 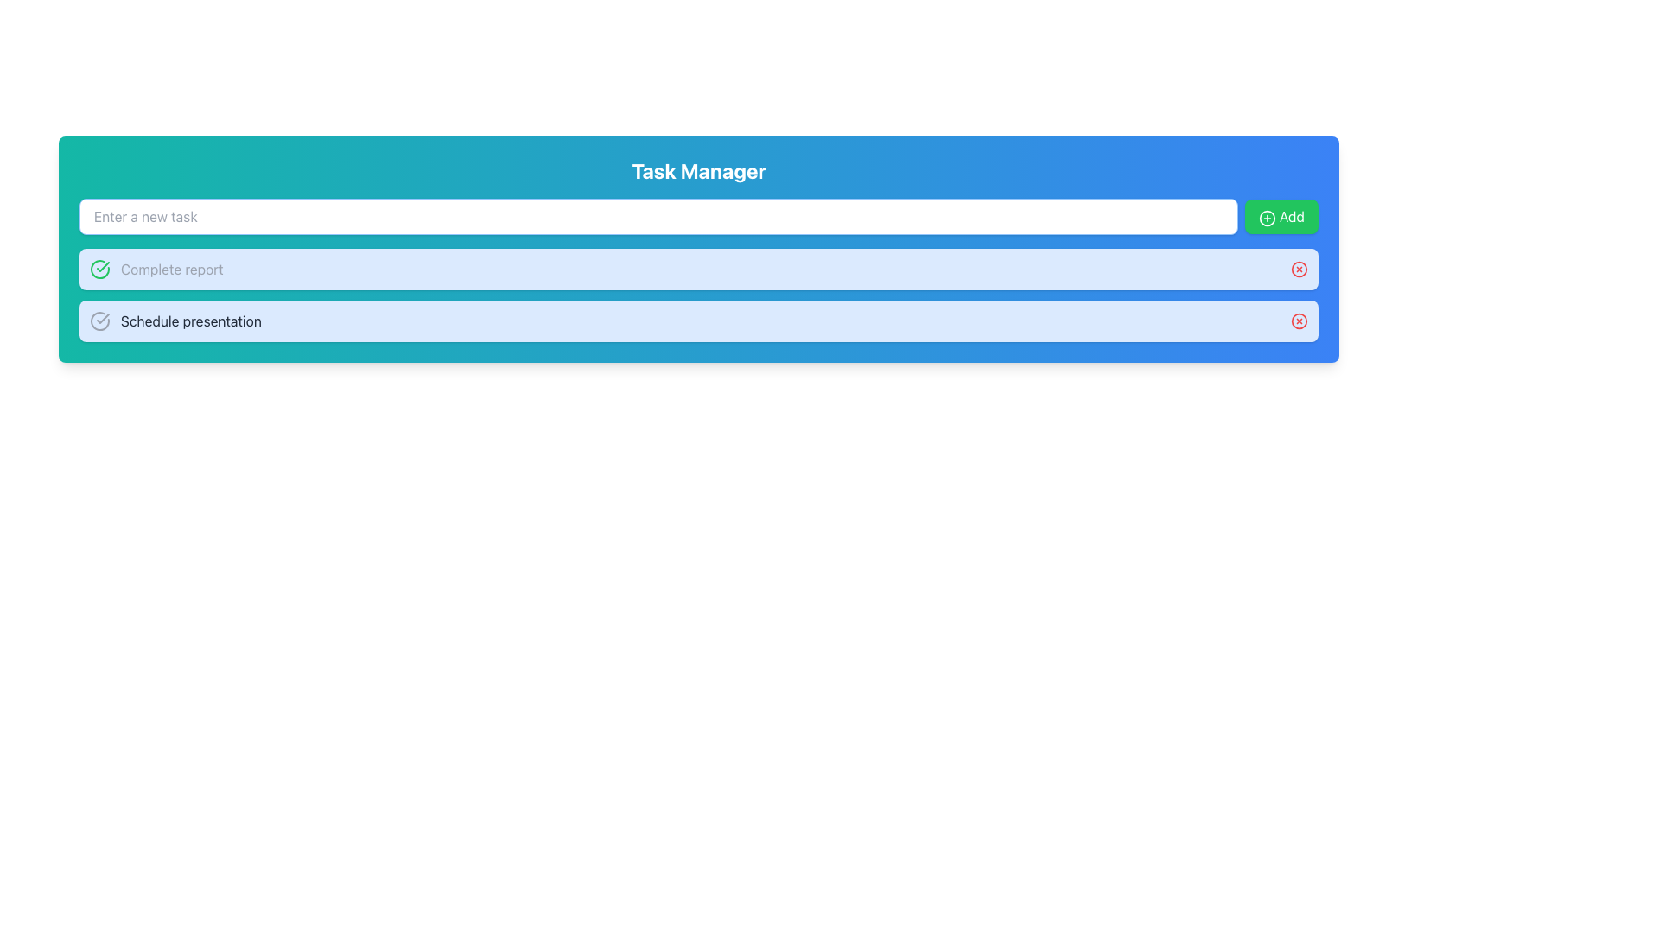 I want to click on the checkmark on the task entry labeled 'Schedule presentation' to mark it as completed, so click(x=699, y=321).